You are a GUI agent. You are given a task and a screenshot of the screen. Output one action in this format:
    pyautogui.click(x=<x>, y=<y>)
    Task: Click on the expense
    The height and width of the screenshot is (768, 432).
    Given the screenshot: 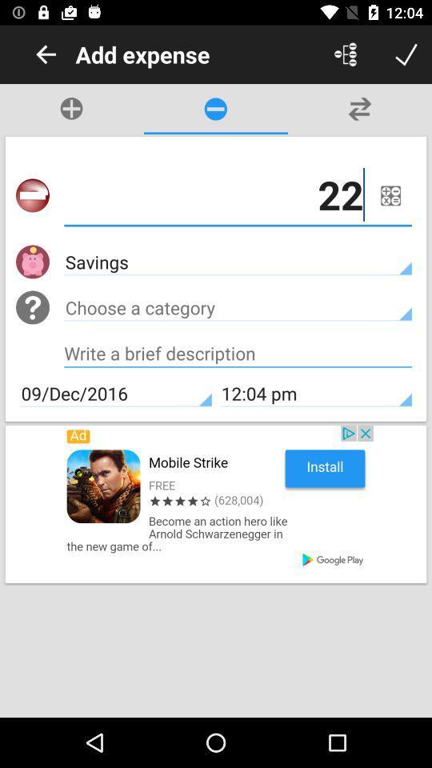 What is the action you would take?
    pyautogui.click(x=345, y=54)
    